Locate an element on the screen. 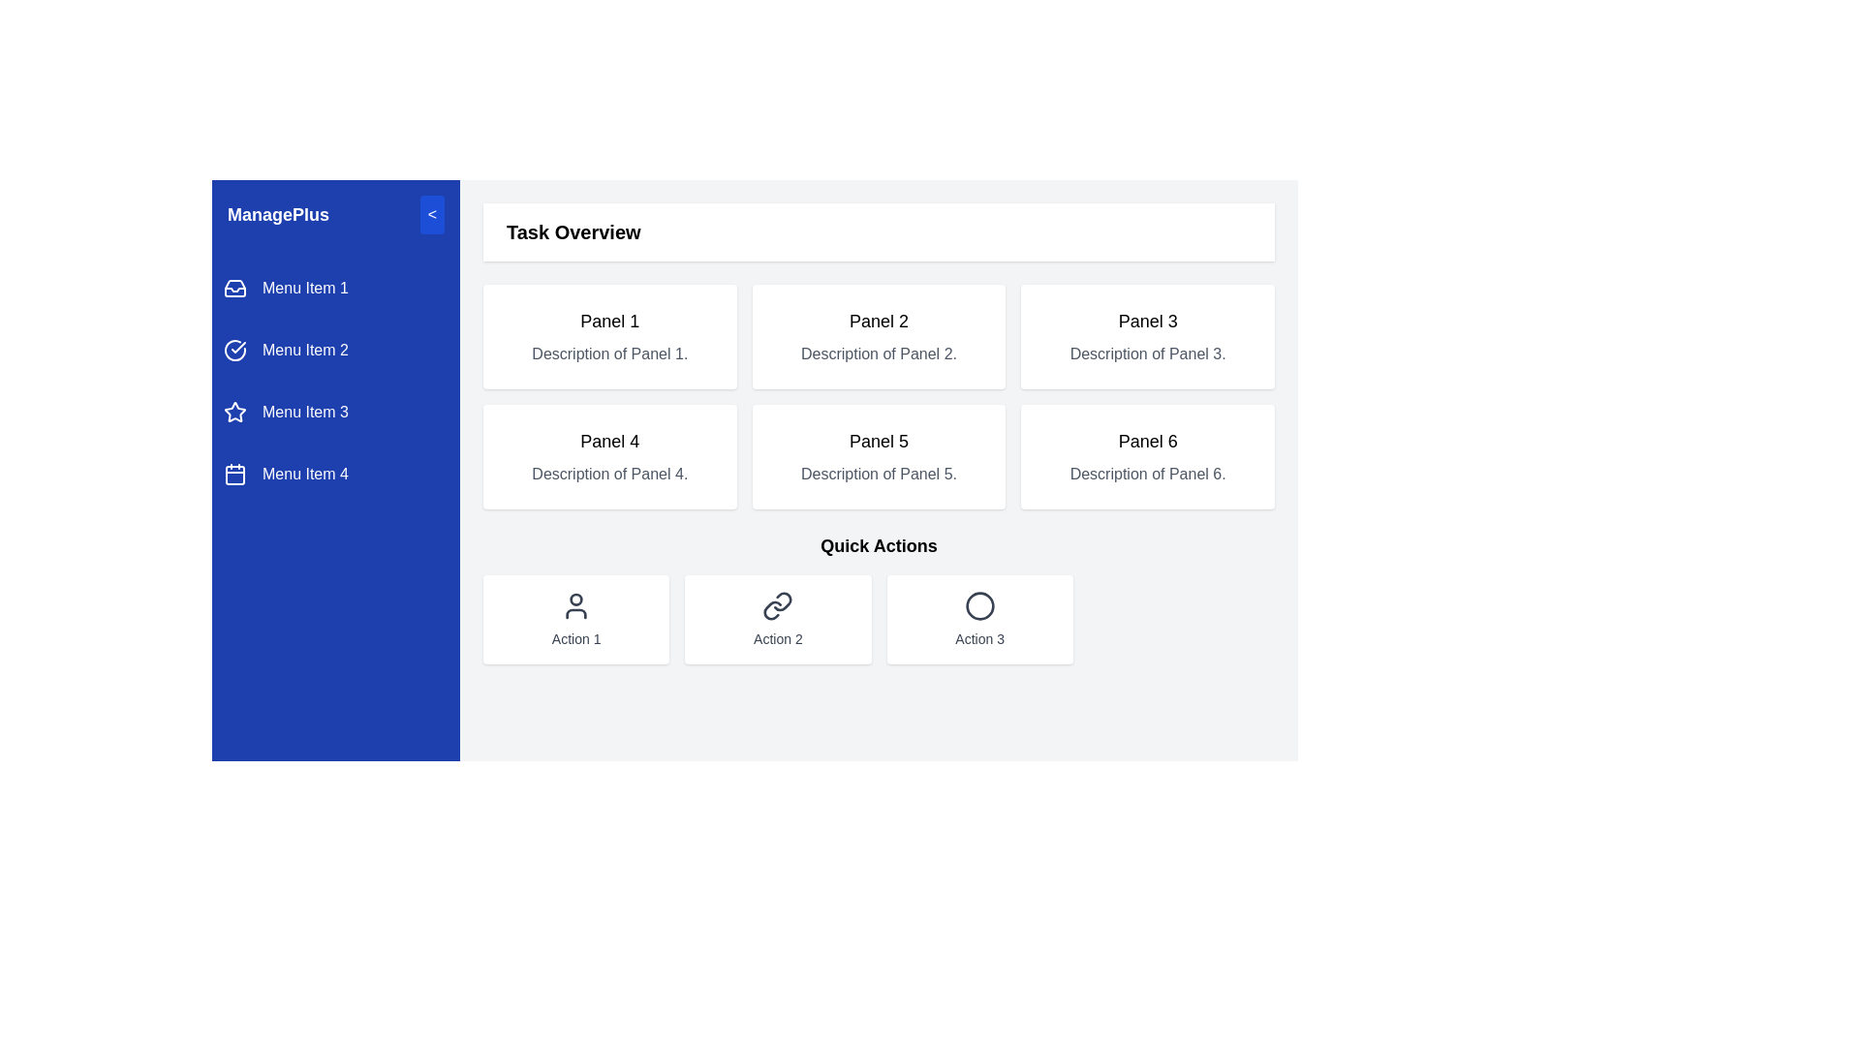 This screenshot has height=1046, width=1860. the 'Menu Item 1' vector graphic icon in the sidebar navigation is located at coordinates (234, 288).